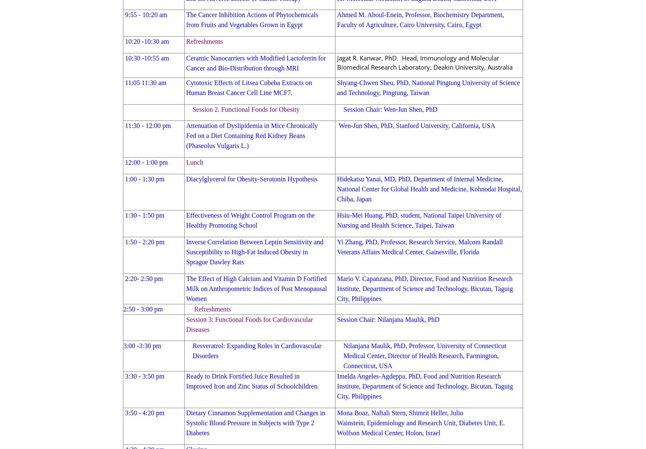  What do you see at coordinates (144, 215) in the screenshot?
I see `'1:30 - 1:50 pm'` at bounding box center [144, 215].